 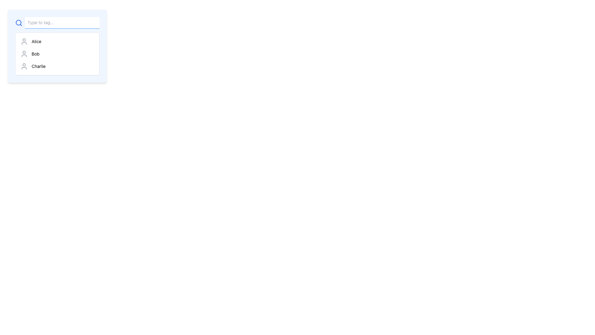 What do you see at coordinates (24, 42) in the screenshot?
I see `the user icon associated with 'Alice'` at bounding box center [24, 42].